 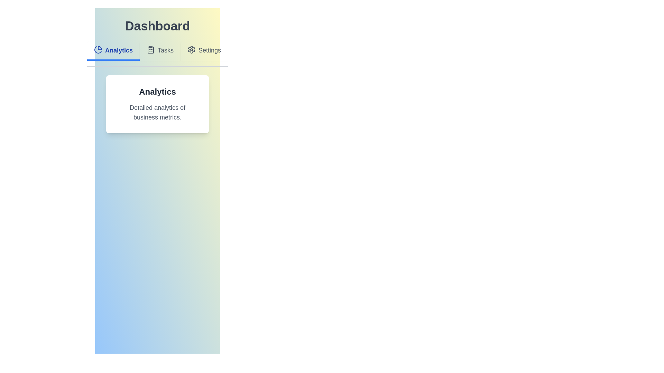 I want to click on the Analytics tab to view its content, so click(x=113, y=50).